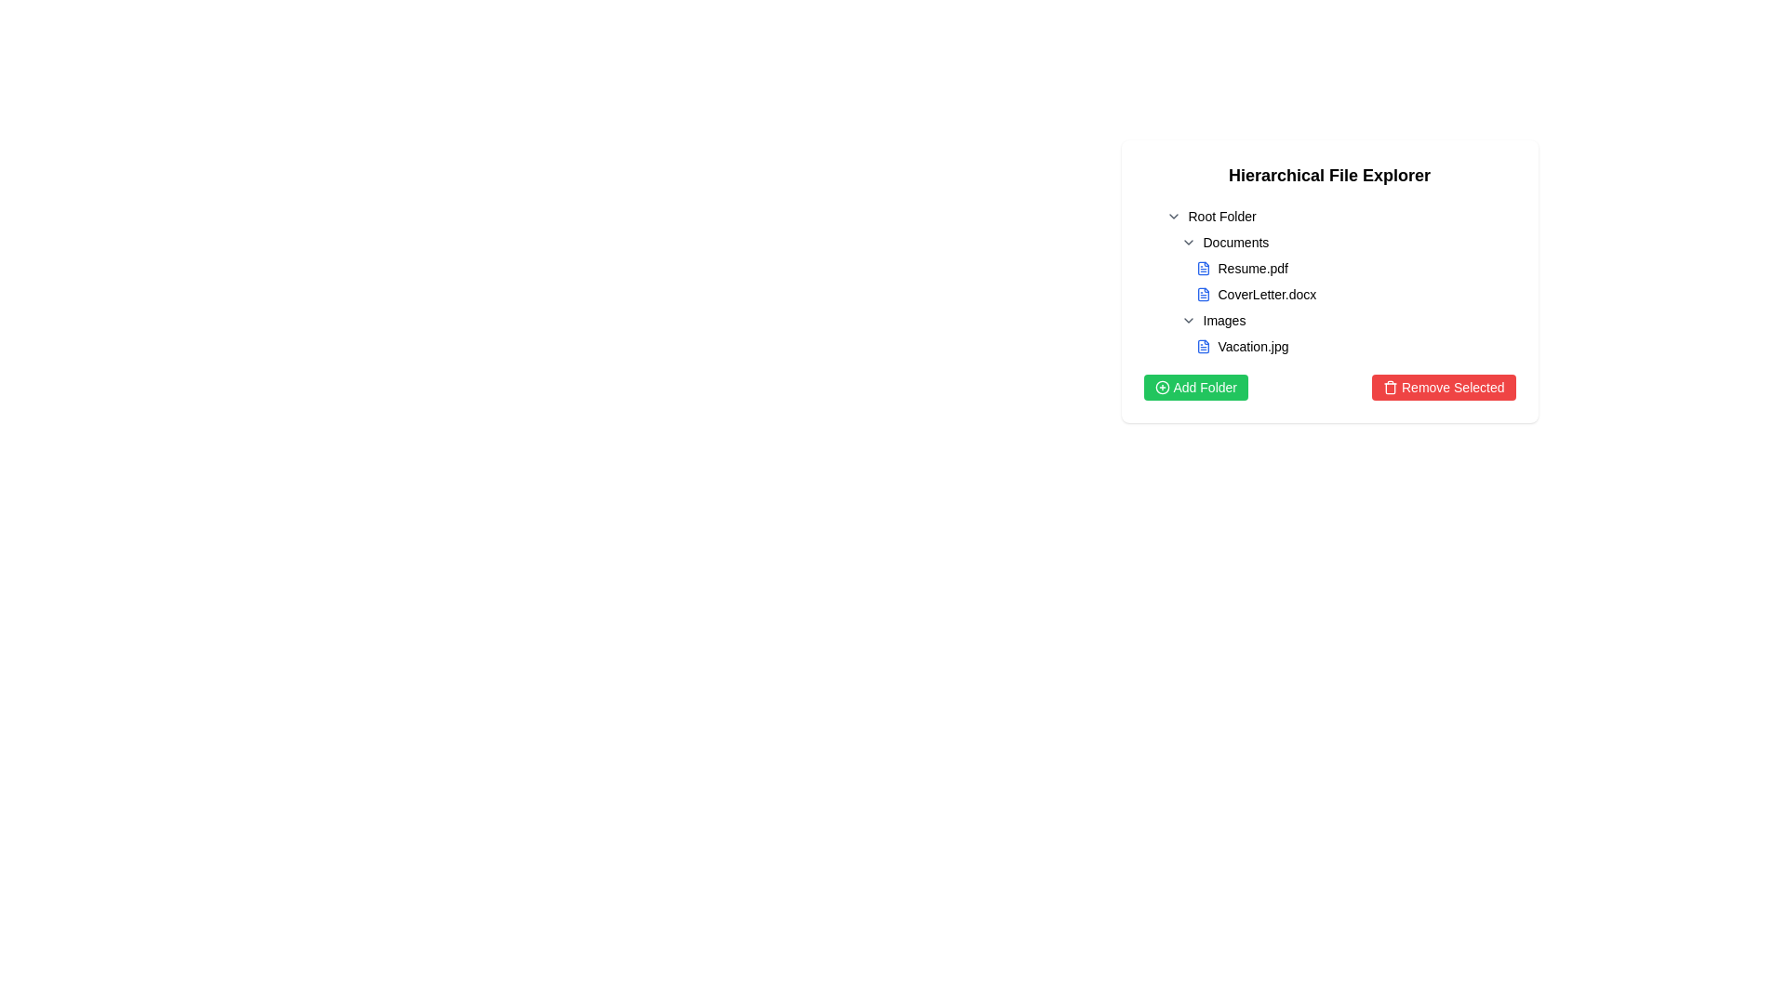  What do you see at coordinates (1344, 319) in the screenshot?
I see `the 'Images' button located in the file explorer` at bounding box center [1344, 319].